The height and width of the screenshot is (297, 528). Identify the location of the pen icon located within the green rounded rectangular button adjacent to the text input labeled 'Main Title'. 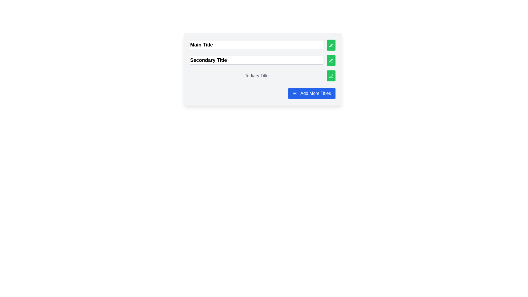
(331, 45).